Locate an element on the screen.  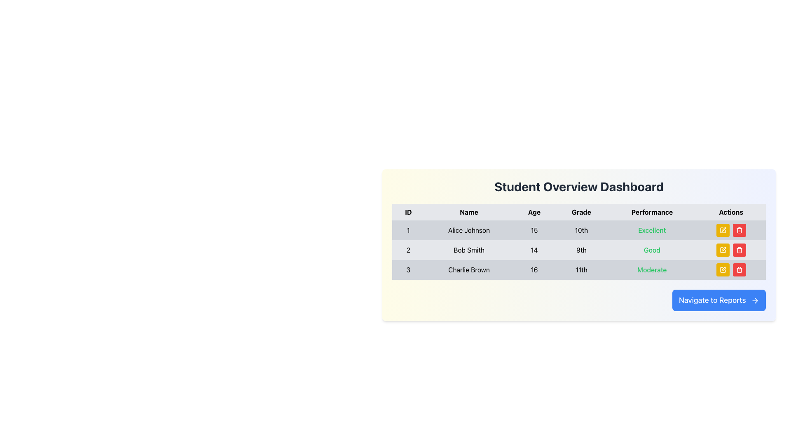
the trash bin icon in the Actions column of the table is located at coordinates (739, 250).